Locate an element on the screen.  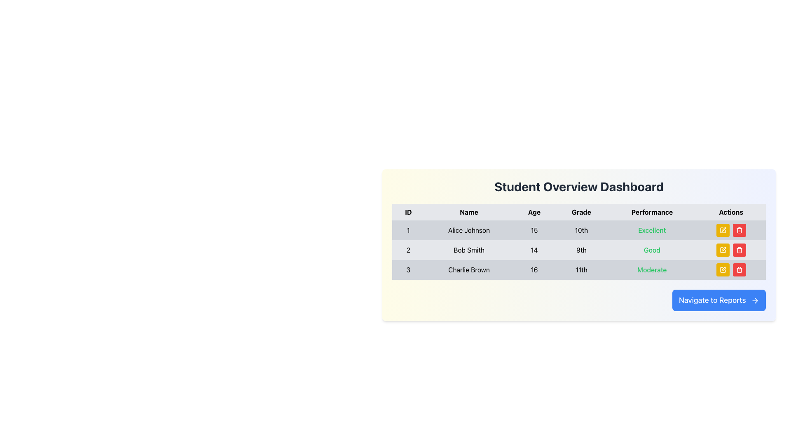
the trash bin icon in the Actions column of the table is located at coordinates (739, 250).